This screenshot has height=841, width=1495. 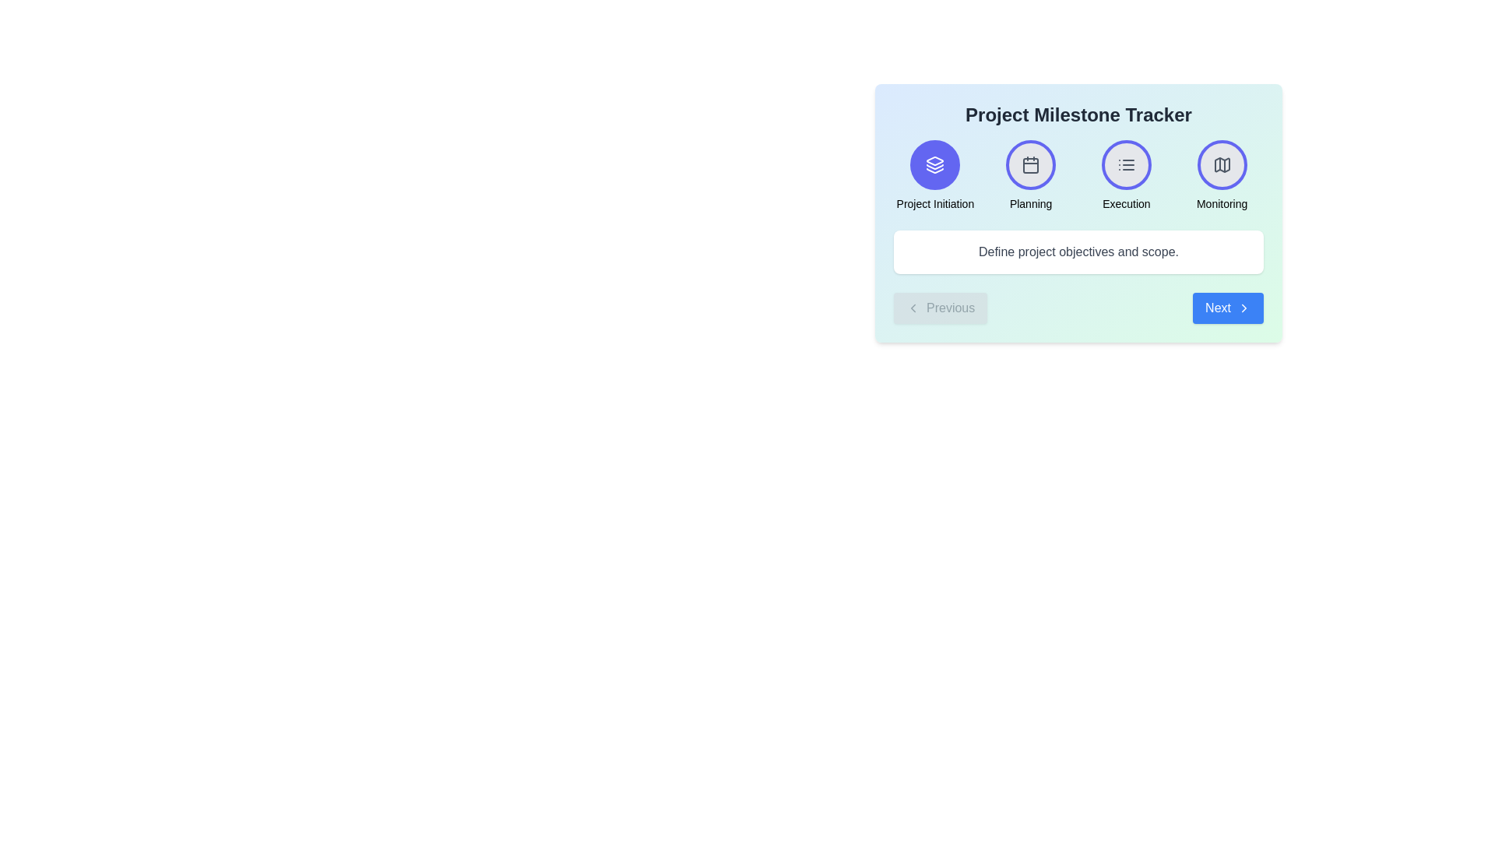 What do you see at coordinates (934, 175) in the screenshot?
I see `the first navigation item representing the 'Project Initiation' phase in the multi-step process tracker` at bounding box center [934, 175].